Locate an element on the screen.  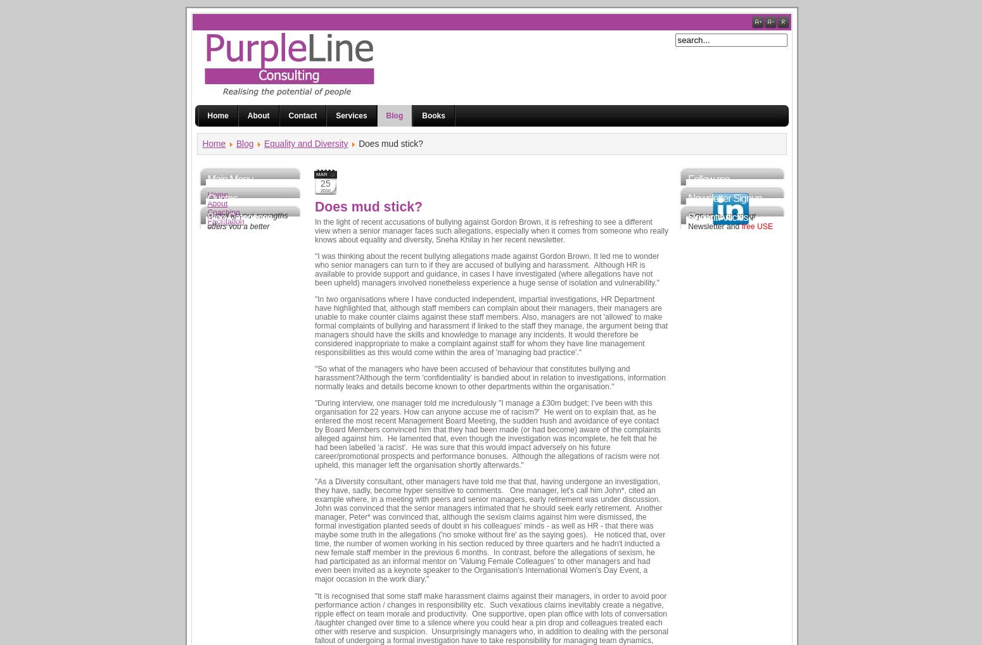
'"I was thinking about the recent bullying allegations made against Gordon Brown. It led me to wonder who senior managers can turn to if they are accused of bullying and harassment.  Although HR is available to provide support and guidance, in cases I have investigated (where allegations have not been upheld) managers involved nonetheless experience a huge sense of isolation and vulnerability."' is located at coordinates (487, 269).